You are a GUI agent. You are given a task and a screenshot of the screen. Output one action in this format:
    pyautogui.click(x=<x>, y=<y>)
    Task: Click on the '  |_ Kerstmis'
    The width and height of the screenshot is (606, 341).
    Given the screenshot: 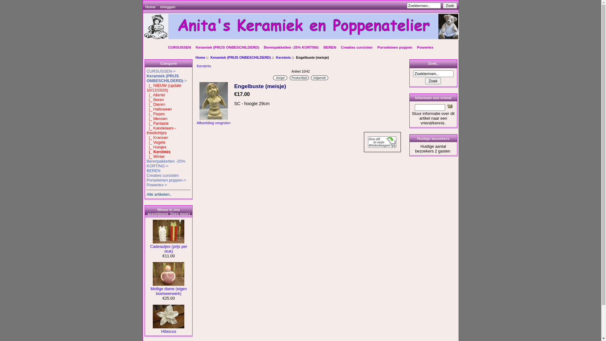 What is the action you would take?
    pyautogui.click(x=146, y=152)
    